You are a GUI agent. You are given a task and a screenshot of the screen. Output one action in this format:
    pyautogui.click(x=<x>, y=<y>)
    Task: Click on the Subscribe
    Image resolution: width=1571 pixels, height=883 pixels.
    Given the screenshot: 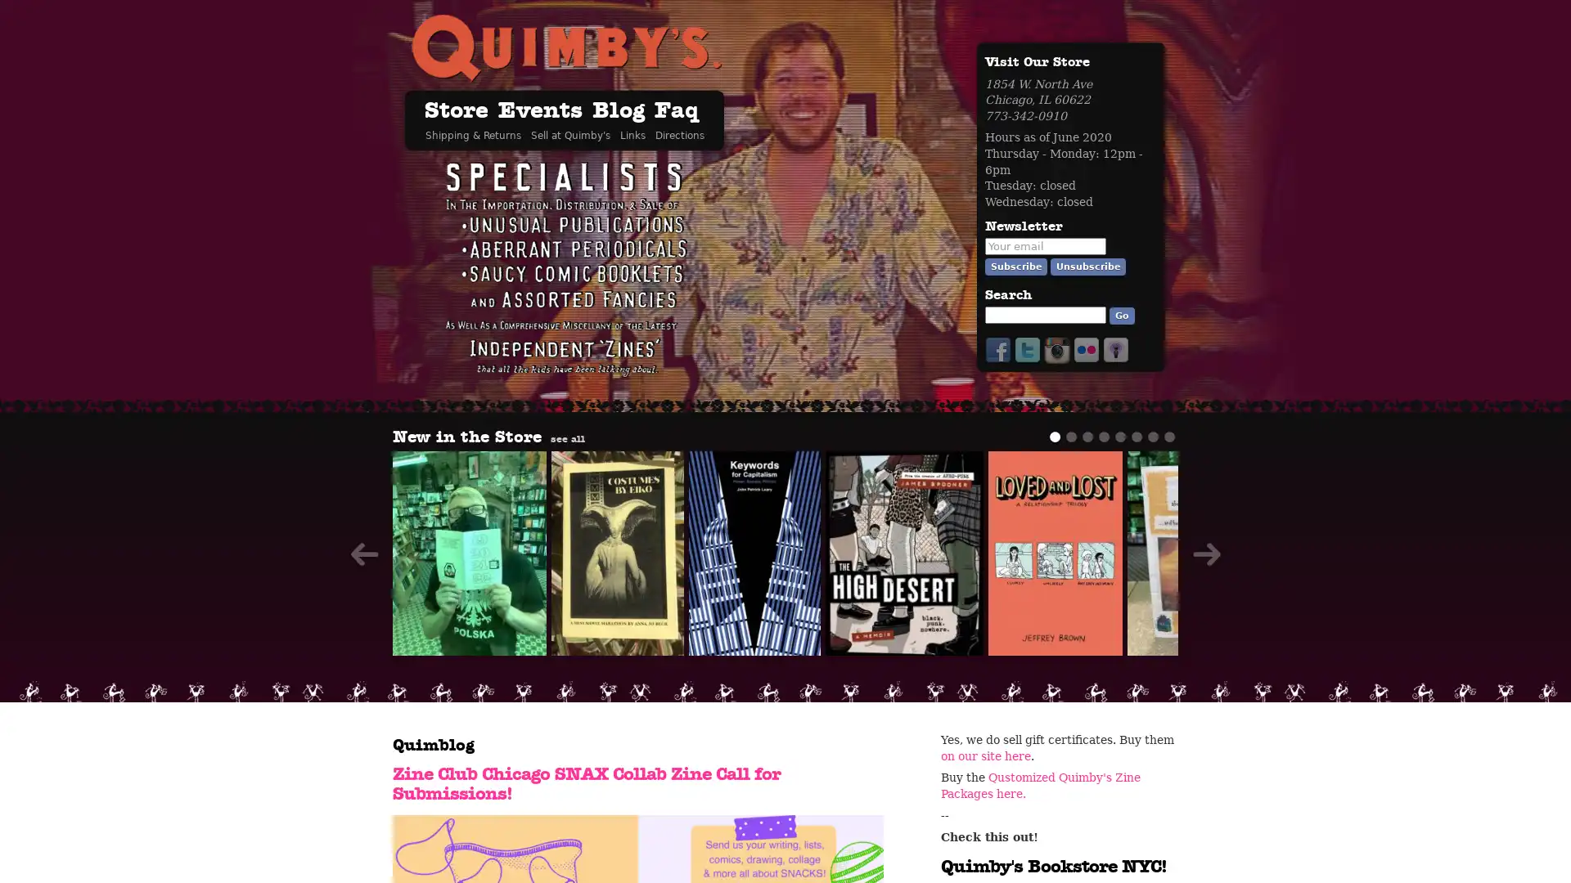 What is the action you would take?
    pyautogui.click(x=1015, y=265)
    